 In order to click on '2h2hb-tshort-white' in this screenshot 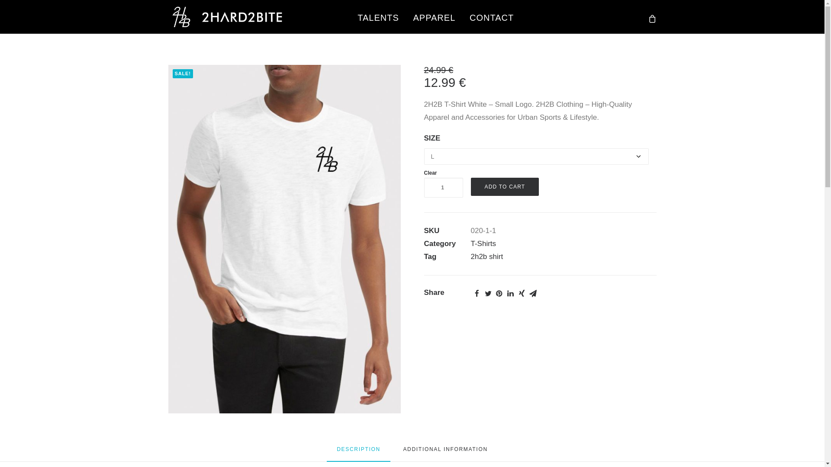, I will do `click(284, 239)`.